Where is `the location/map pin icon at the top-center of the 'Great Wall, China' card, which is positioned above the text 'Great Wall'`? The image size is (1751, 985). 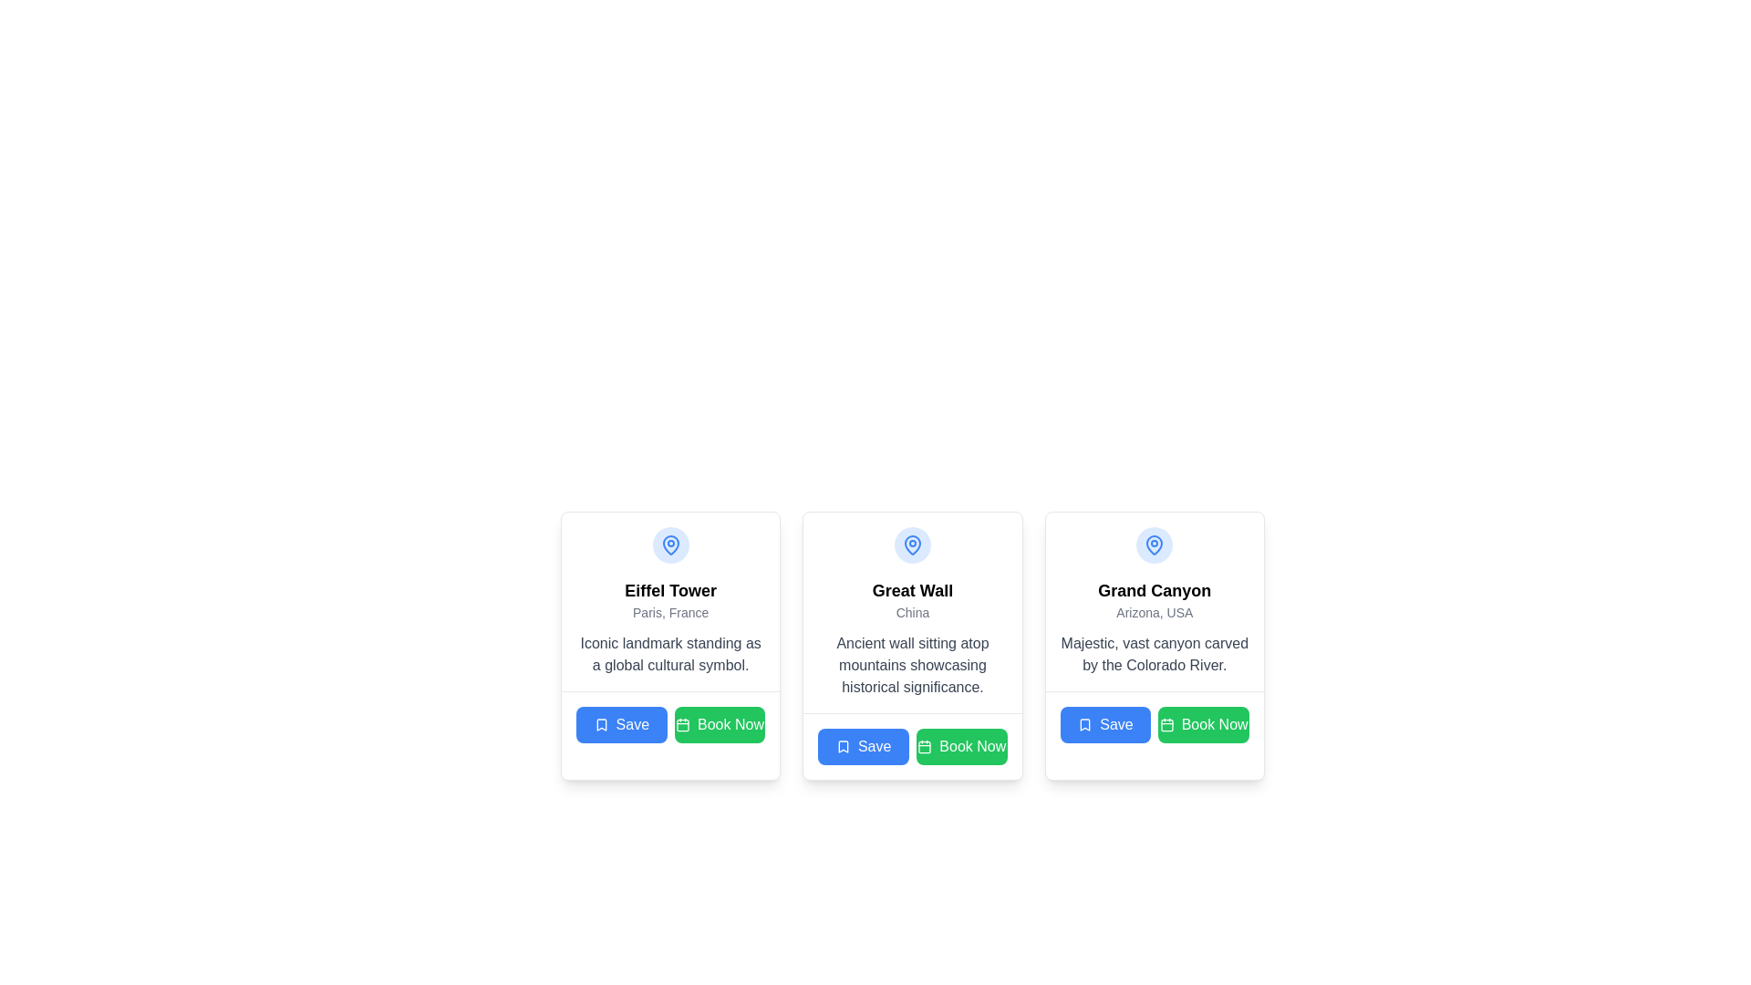 the location/map pin icon at the top-center of the 'Great Wall, China' card, which is positioned above the text 'Great Wall' is located at coordinates (912, 544).